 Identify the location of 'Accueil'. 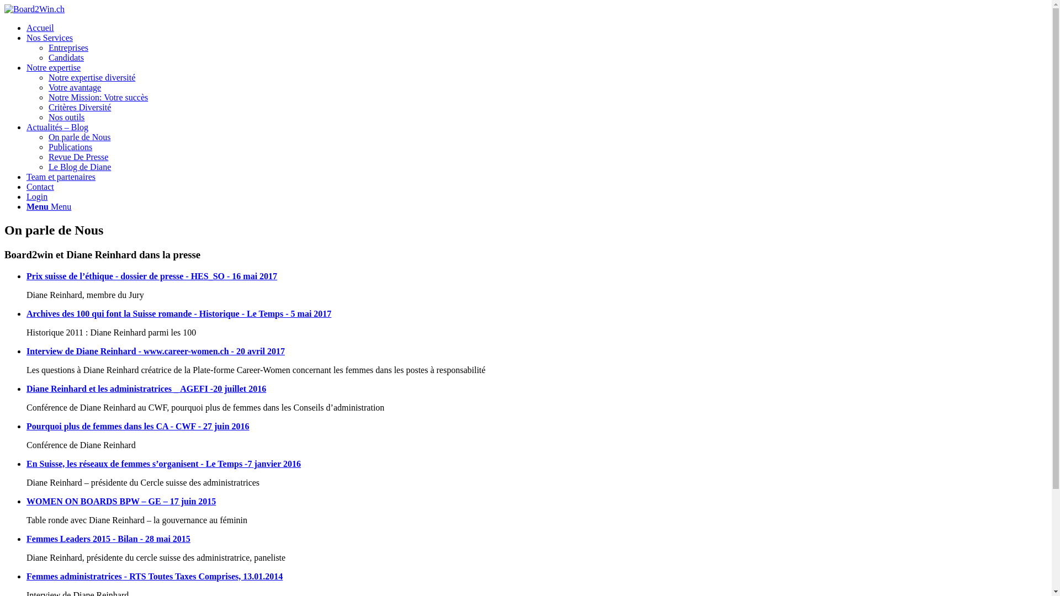
(40, 27).